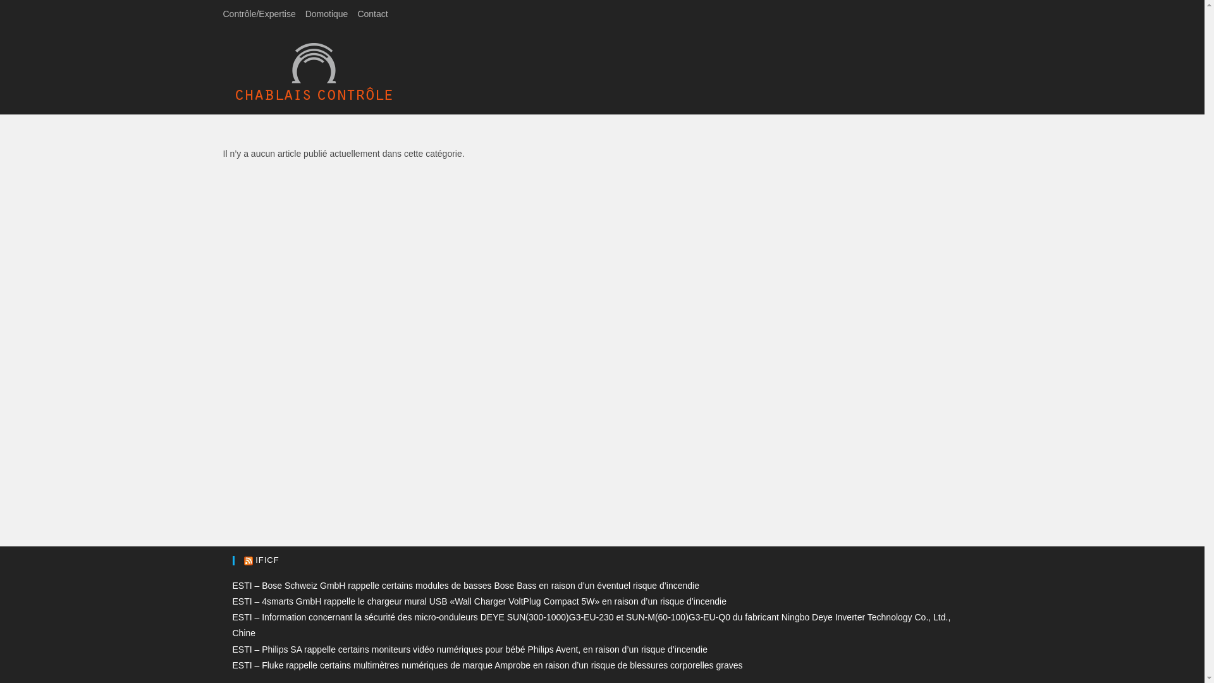 This screenshot has width=1214, height=683. I want to click on 'Domotique', so click(327, 14).